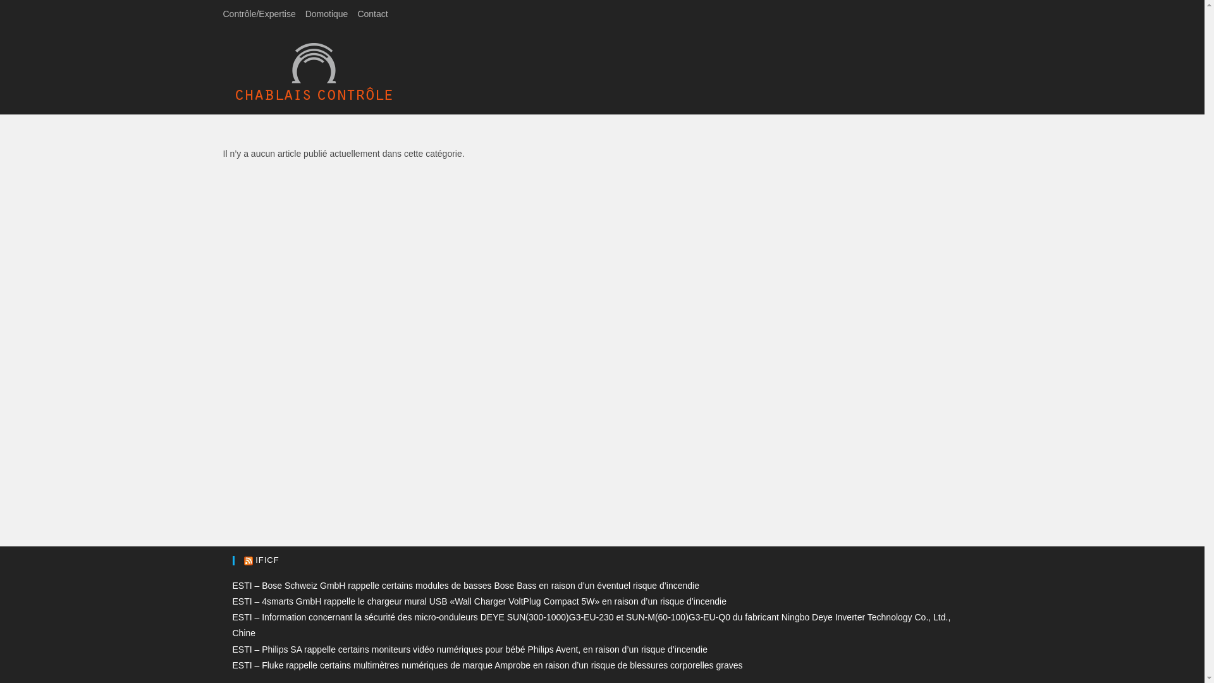 This screenshot has width=1214, height=683. I want to click on 'Domotique', so click(327, 14).